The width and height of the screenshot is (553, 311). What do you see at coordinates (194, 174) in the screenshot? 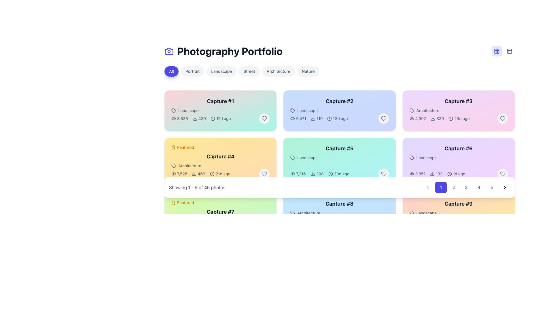
I see `the small download icon, which is styled as an arrow pointing downward and is located within the metadata line of the 'Capture #4' card, positioned next to the download count '469'` at bounding box center [194, 174].